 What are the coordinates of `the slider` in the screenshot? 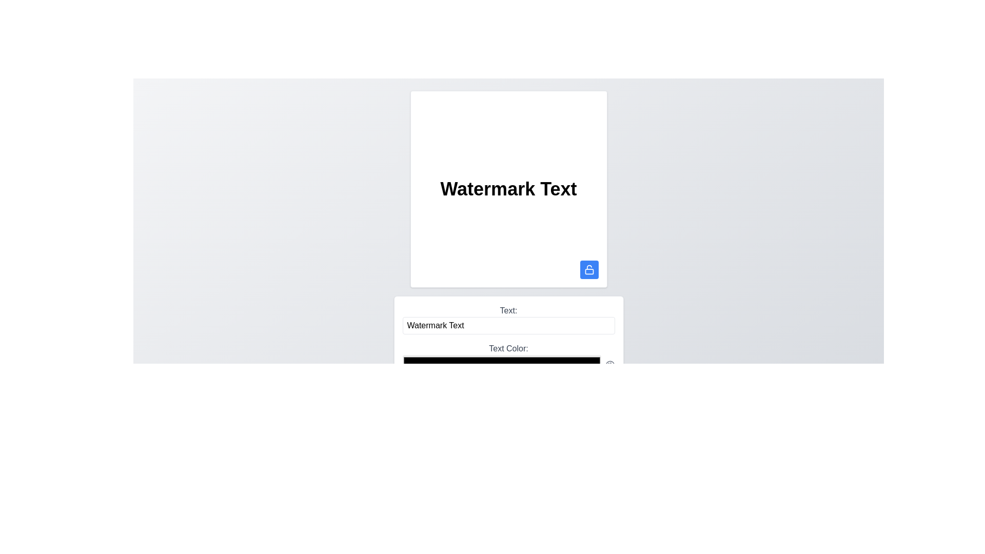 It's located at (455, 401).